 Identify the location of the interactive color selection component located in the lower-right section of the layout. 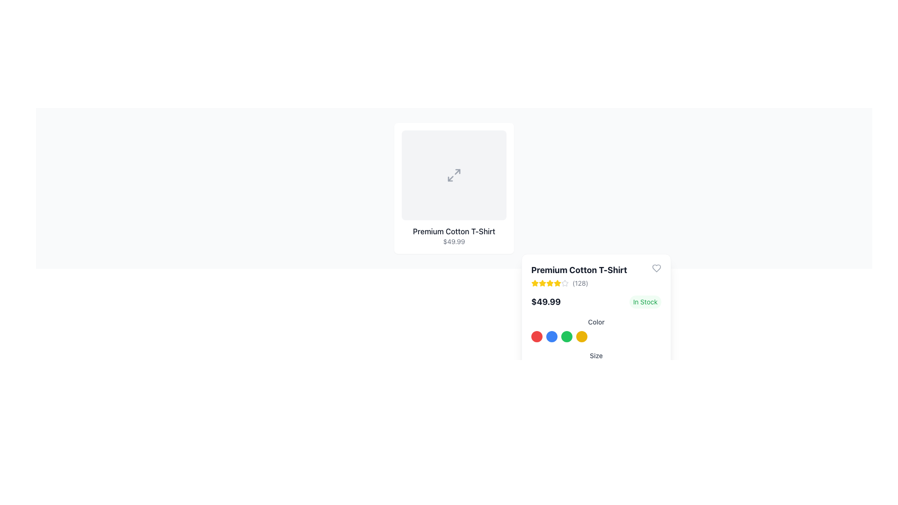
(596, 337).